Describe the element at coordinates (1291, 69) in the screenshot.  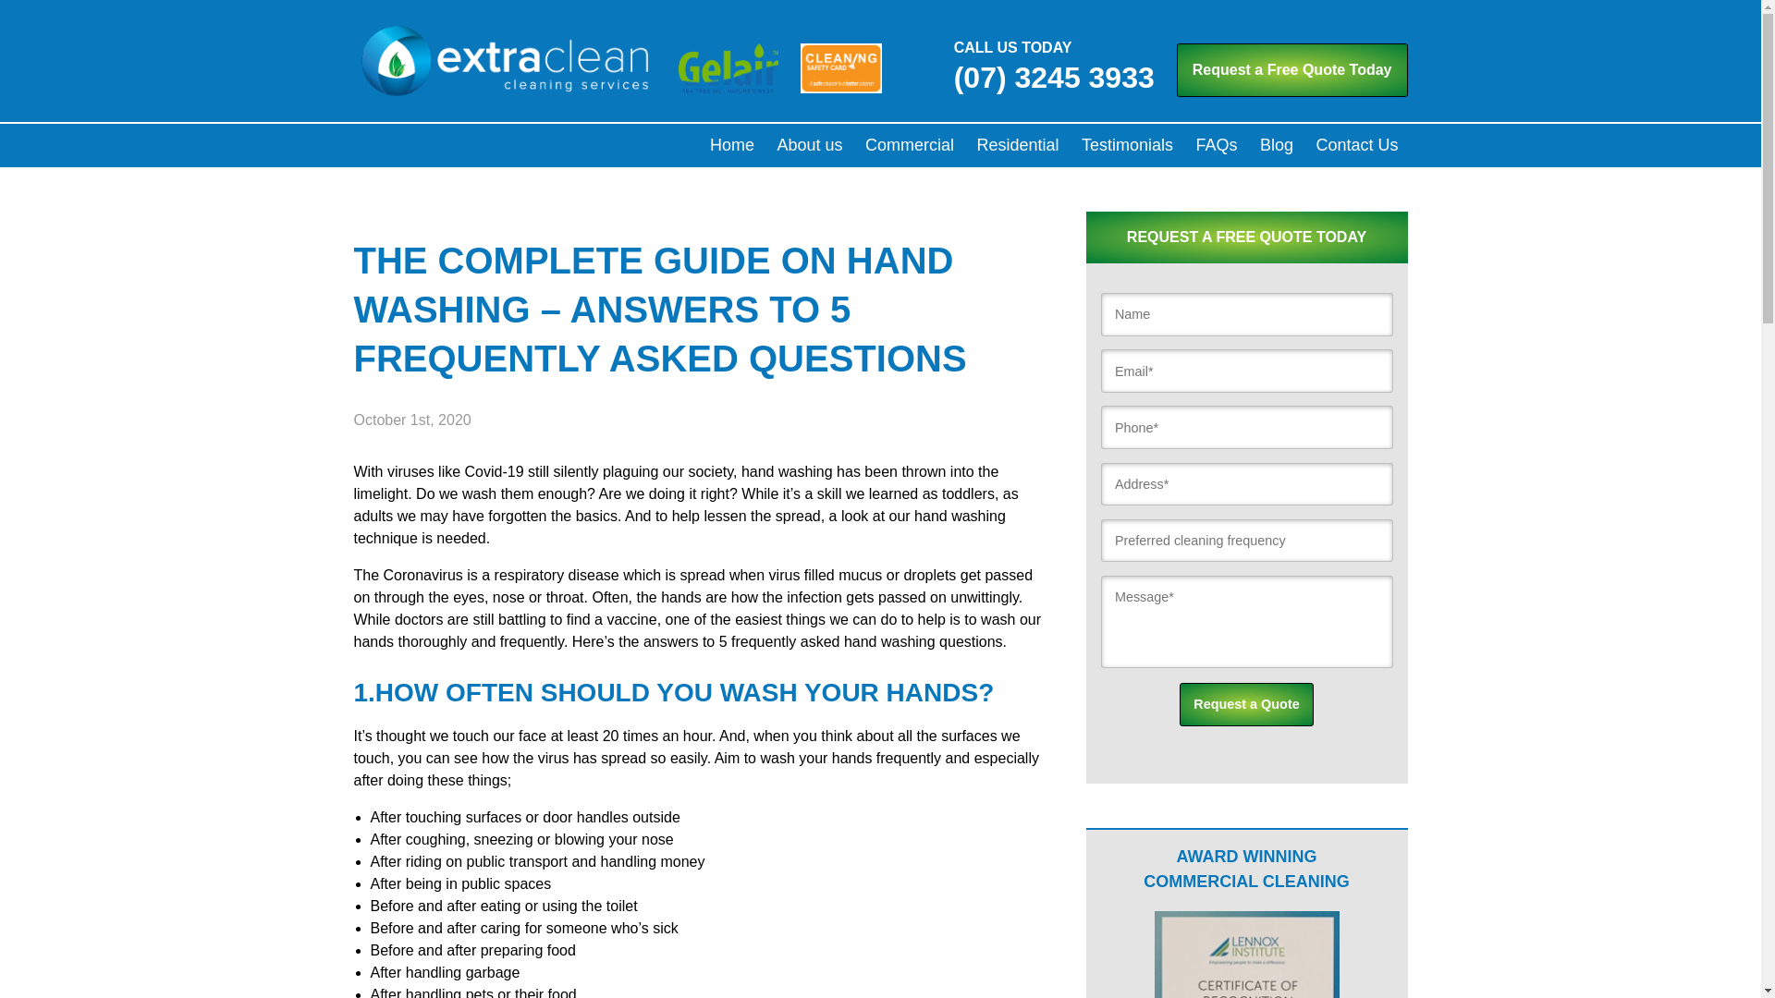
I see `'Request a Free Quote Today'` at that location.